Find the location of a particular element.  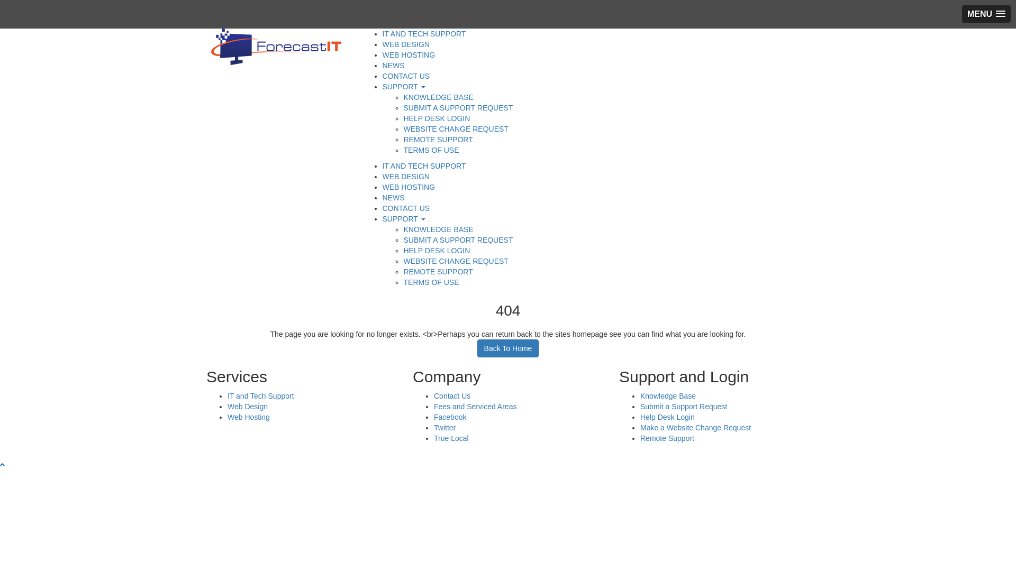

'WEB DESIGN' is located at coordinates (405, 44).